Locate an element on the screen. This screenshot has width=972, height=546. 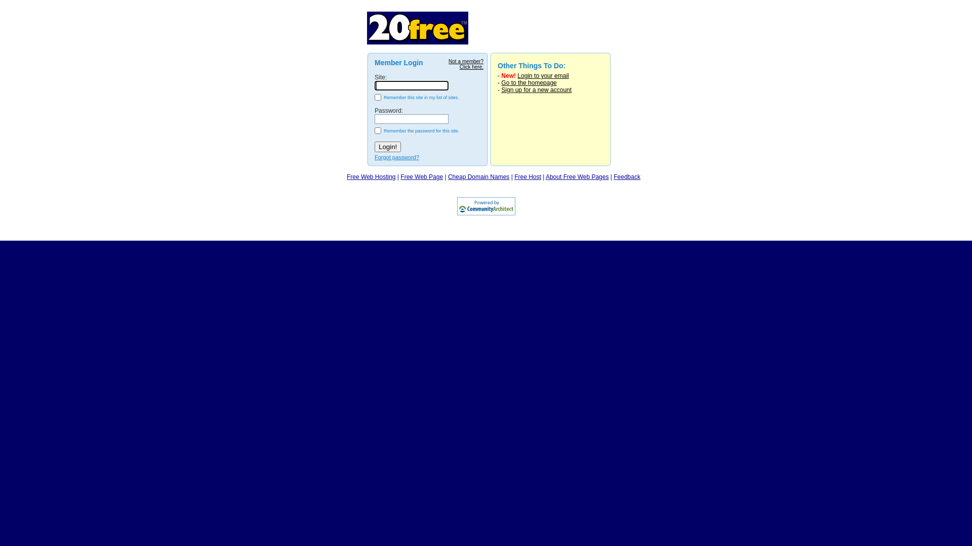
'Forgot password?' is located at coordinates (396, 157).